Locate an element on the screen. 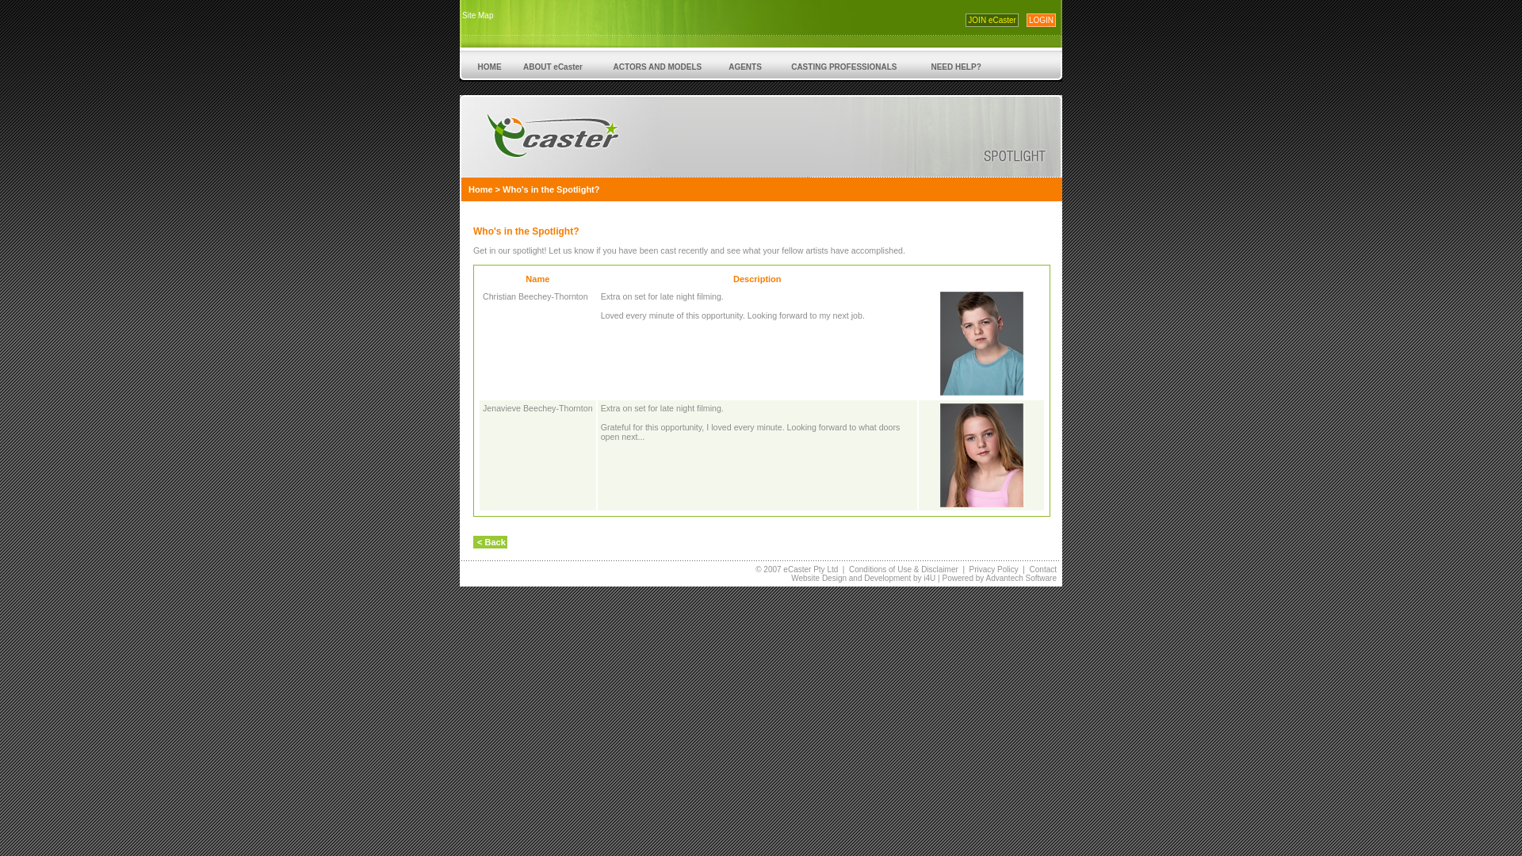  'JOIN eCaster' is located at coordinates (991, 20).